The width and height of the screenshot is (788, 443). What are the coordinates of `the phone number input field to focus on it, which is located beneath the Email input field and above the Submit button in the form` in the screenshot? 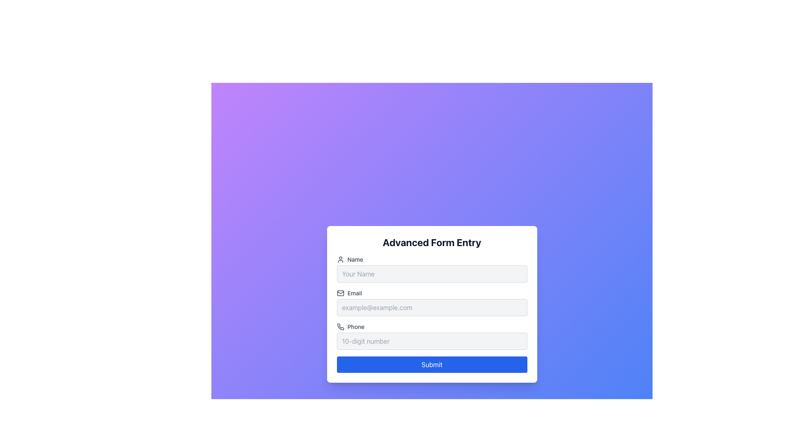 It's located at (431, 341).